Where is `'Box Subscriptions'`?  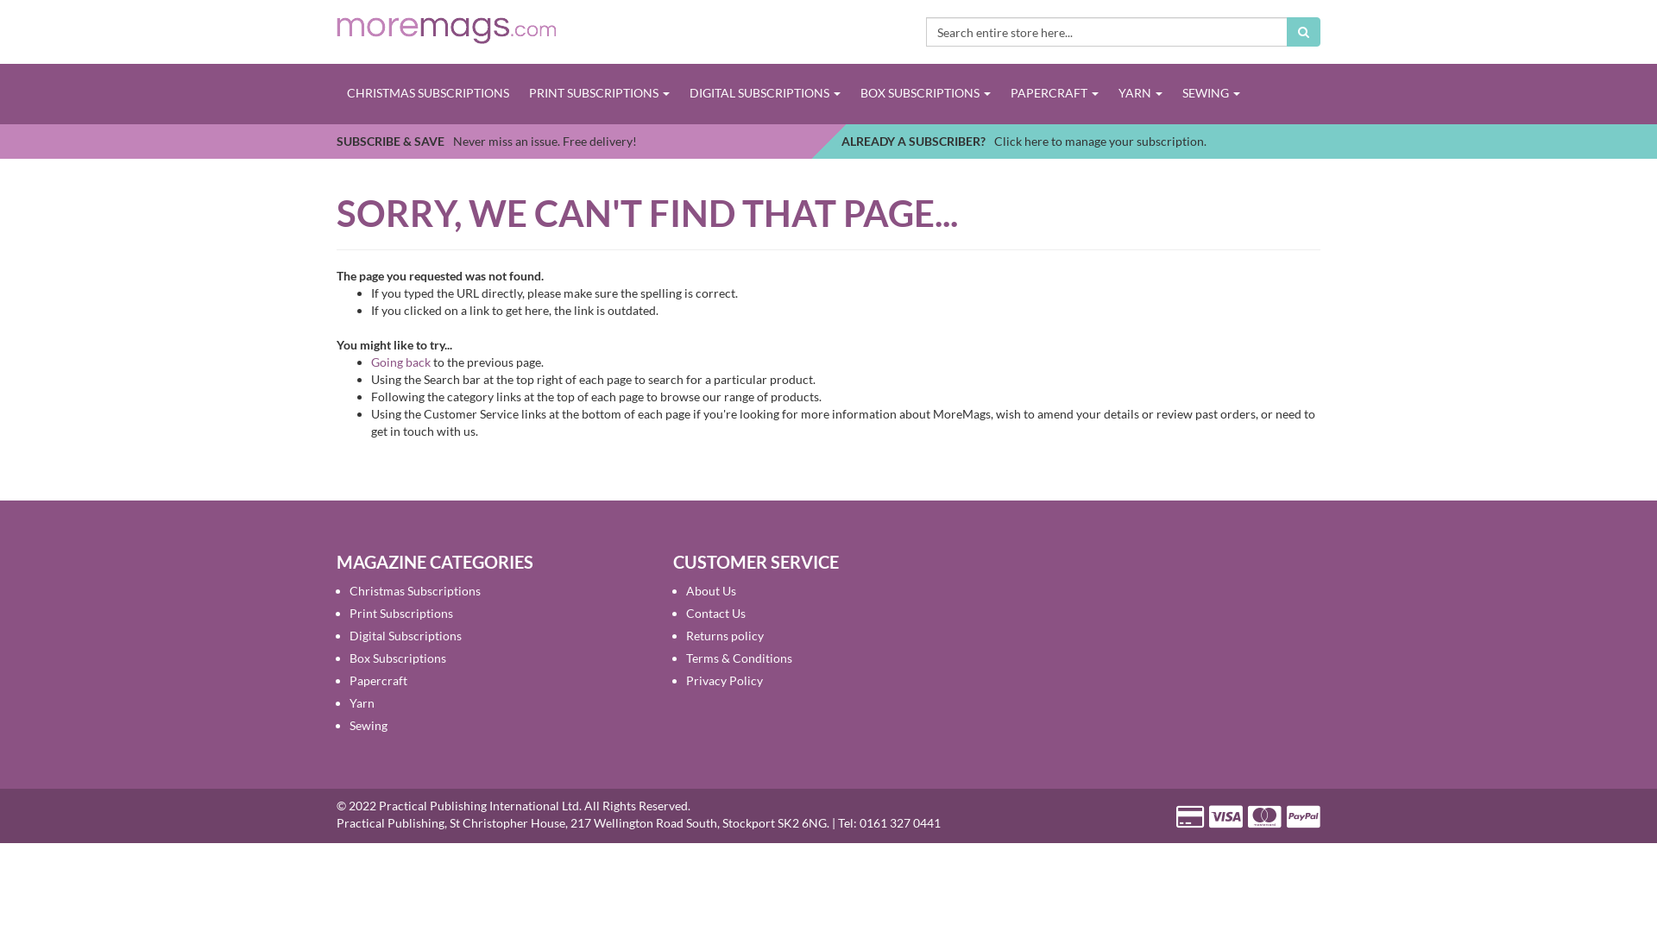 'Box Subscriptions' is located at coordinates (396, 658).